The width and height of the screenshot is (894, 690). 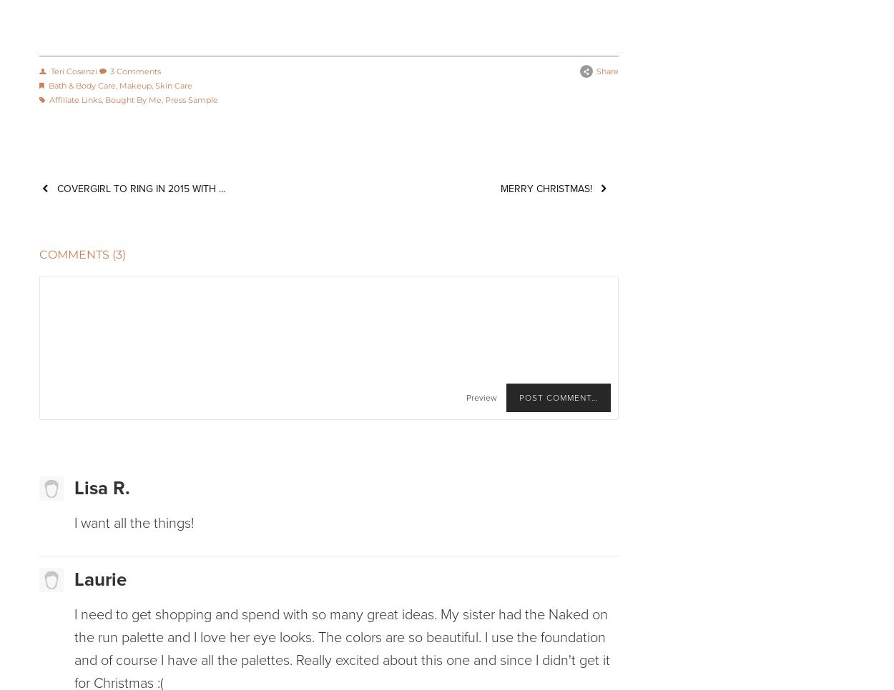 I want to click on 'Bought by Me', so click(x=132, y=99).